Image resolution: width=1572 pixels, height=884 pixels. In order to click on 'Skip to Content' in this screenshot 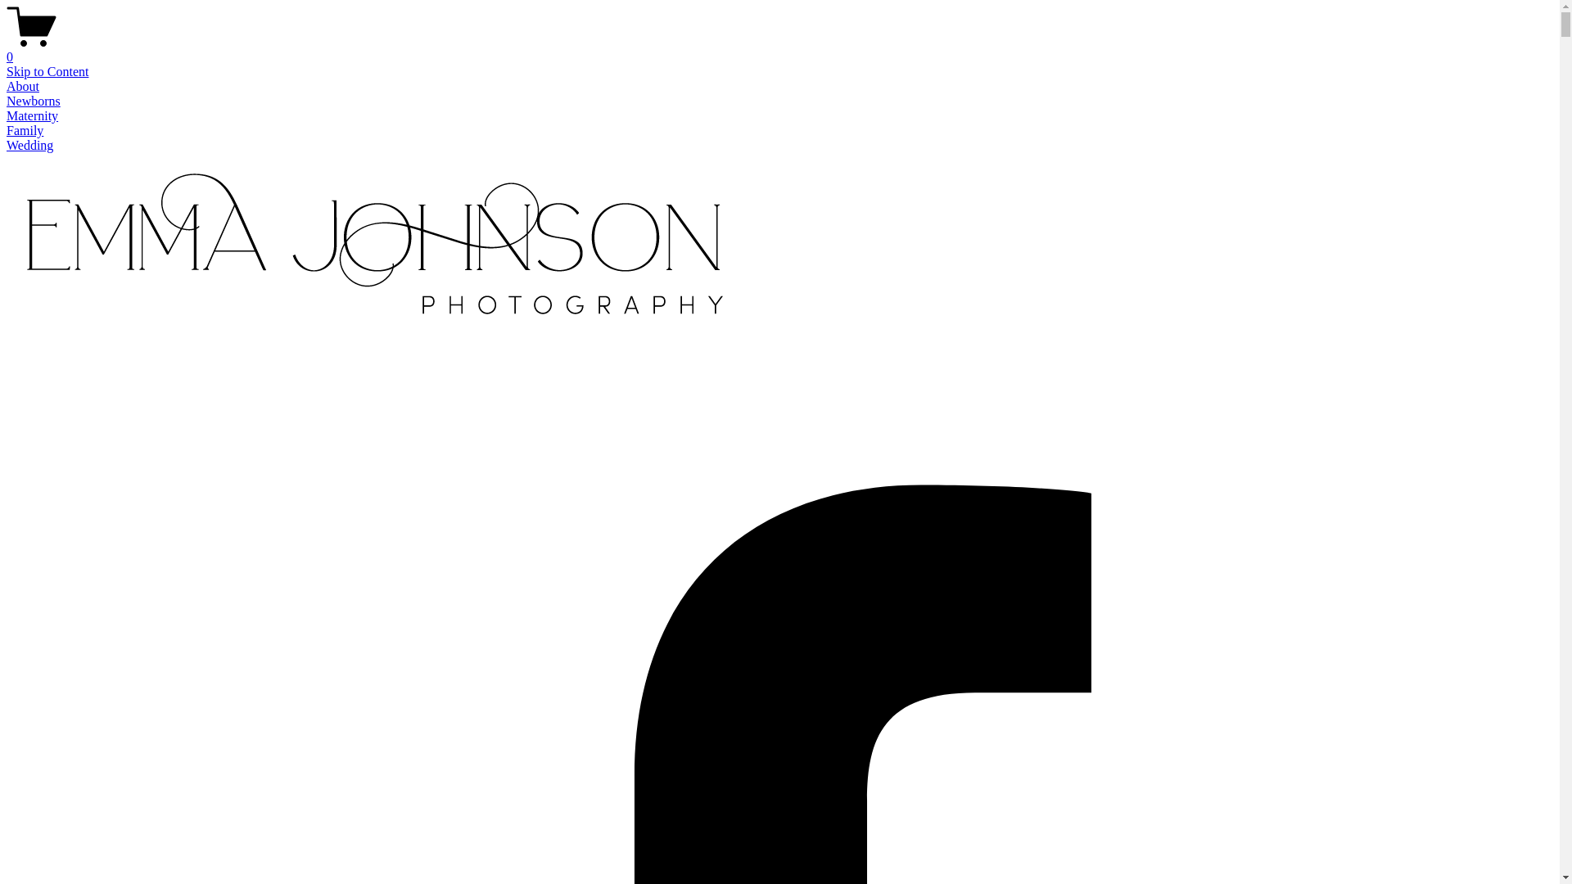, I will do `click(47, 70)`.